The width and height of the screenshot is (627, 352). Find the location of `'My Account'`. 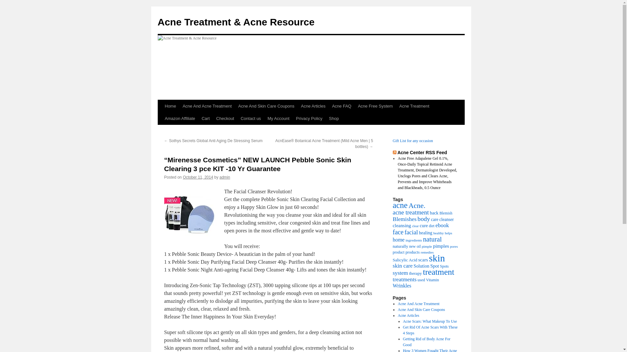

'My Account' is located at coordinates (278, 118).